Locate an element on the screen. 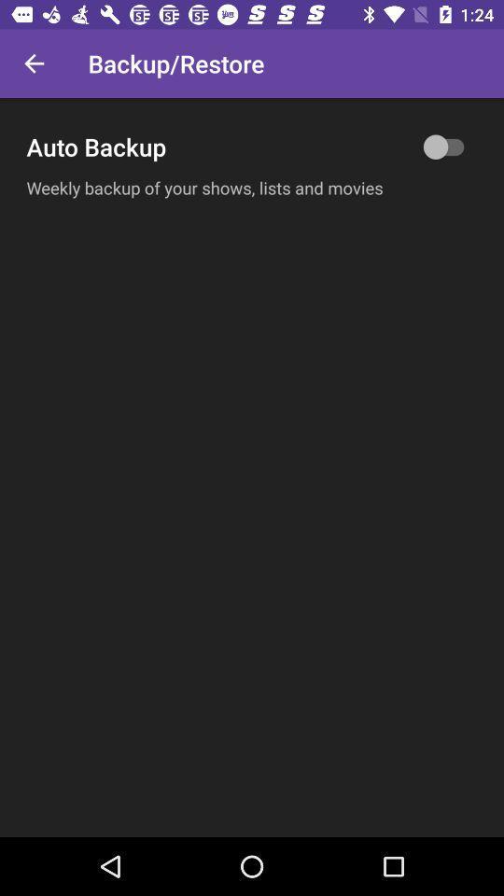  item to the left of backup/restore icon is located at coordinates (34, 63).